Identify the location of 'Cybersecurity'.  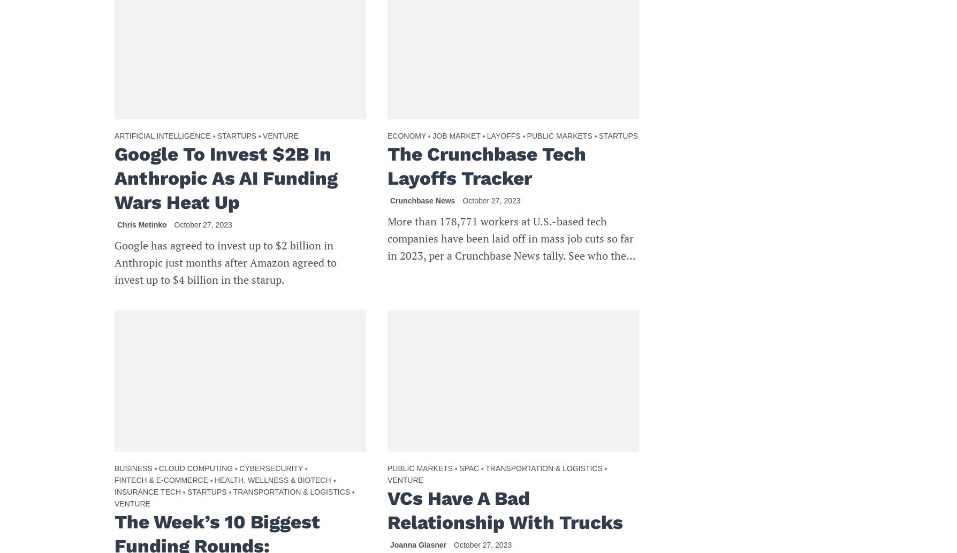
(239, 467).